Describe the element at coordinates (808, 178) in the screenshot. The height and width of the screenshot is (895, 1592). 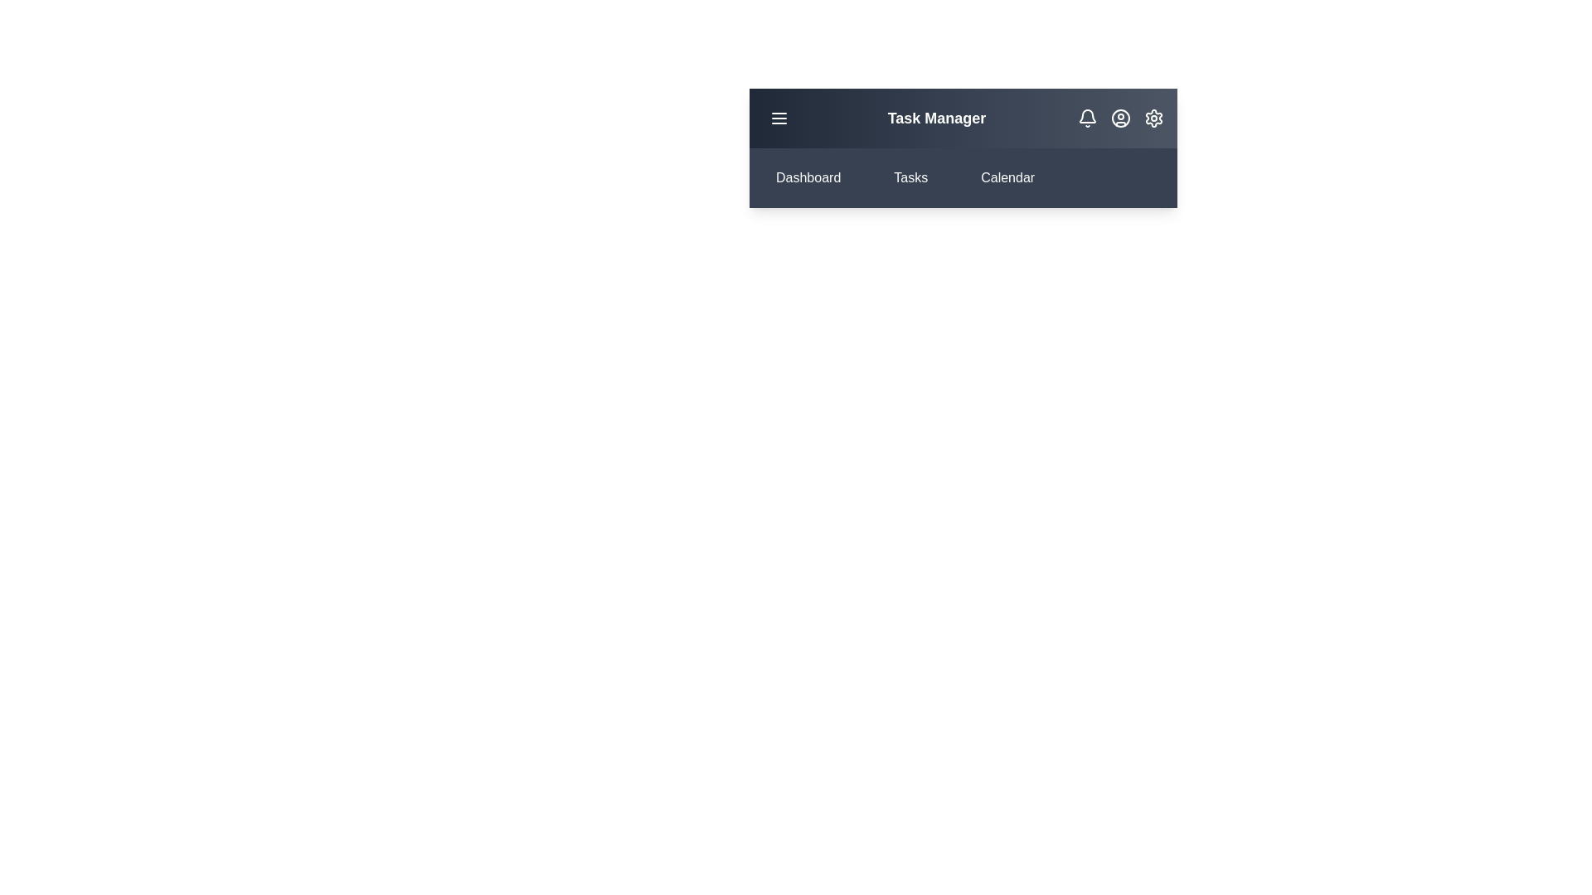
I see `the 'Dashboard' button to navigate to the 'Dashboard' section` at that location.